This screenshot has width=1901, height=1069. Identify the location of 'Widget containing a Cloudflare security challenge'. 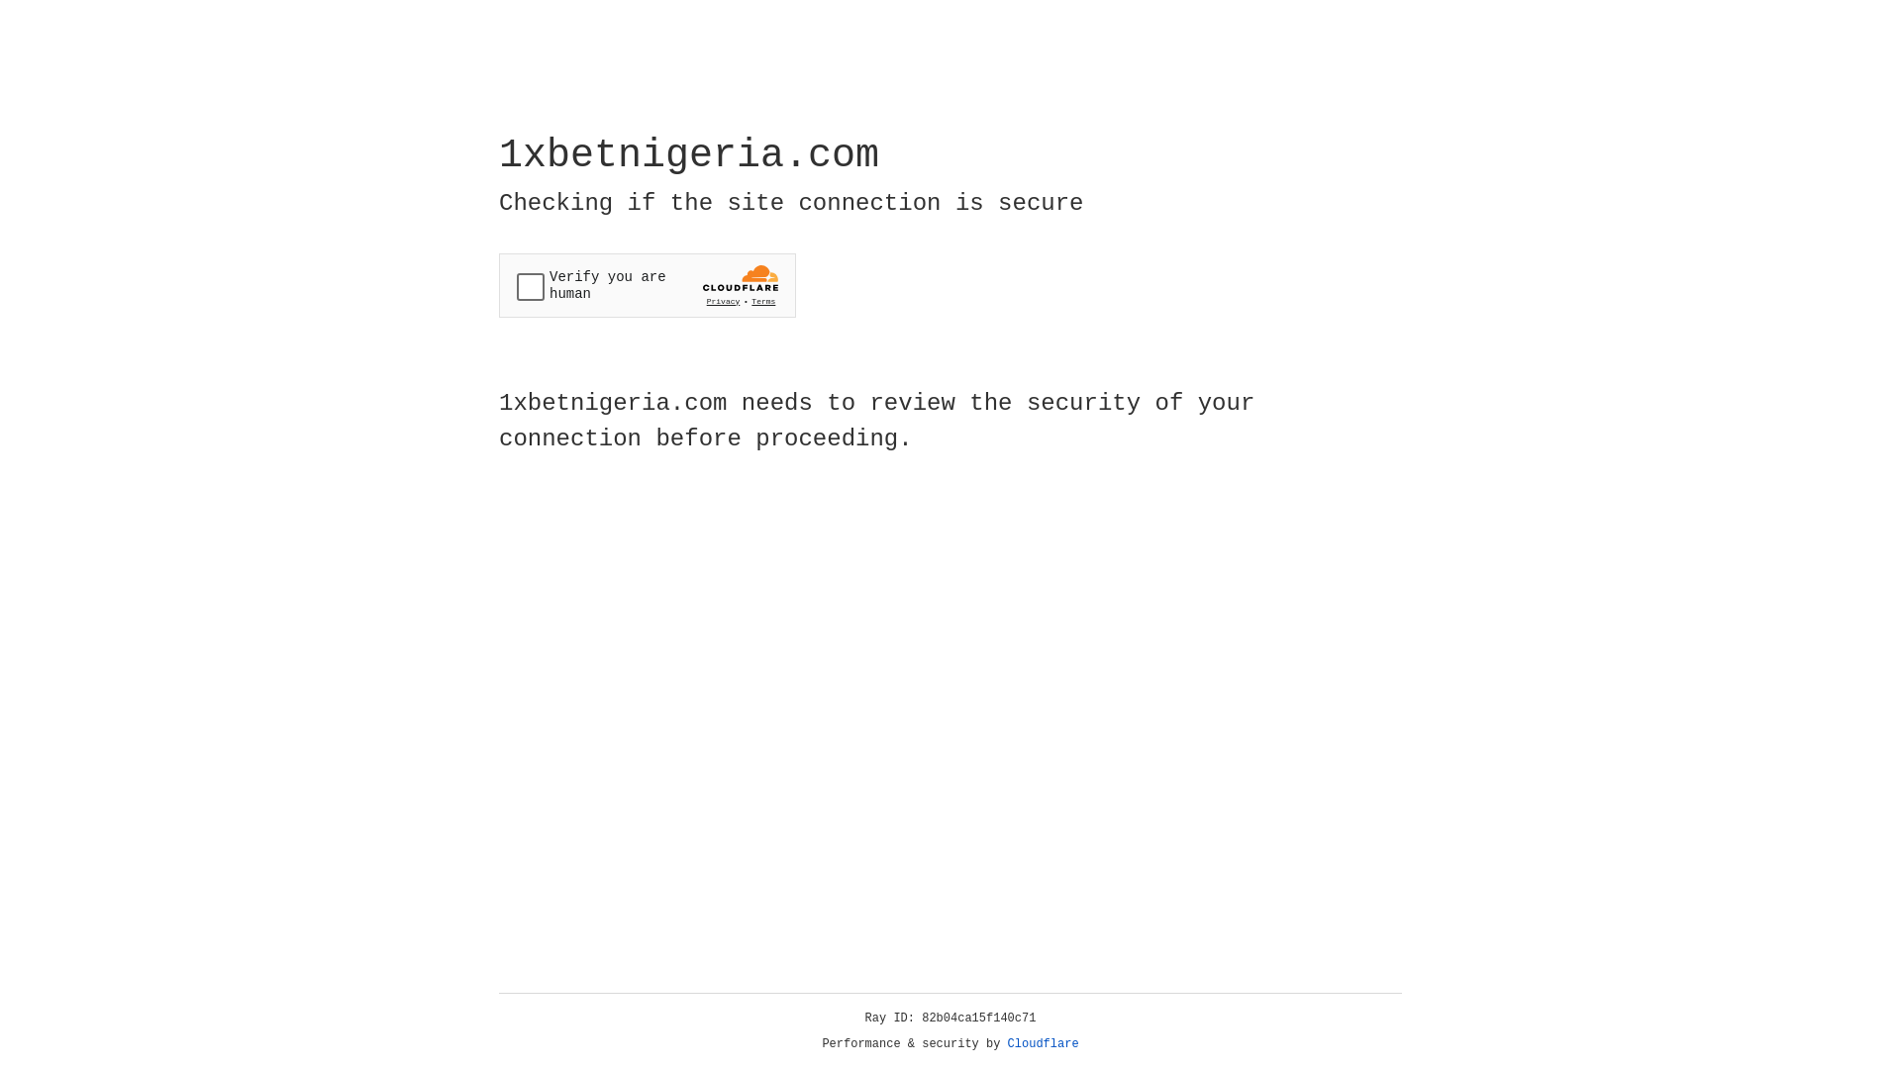
(647, 285).